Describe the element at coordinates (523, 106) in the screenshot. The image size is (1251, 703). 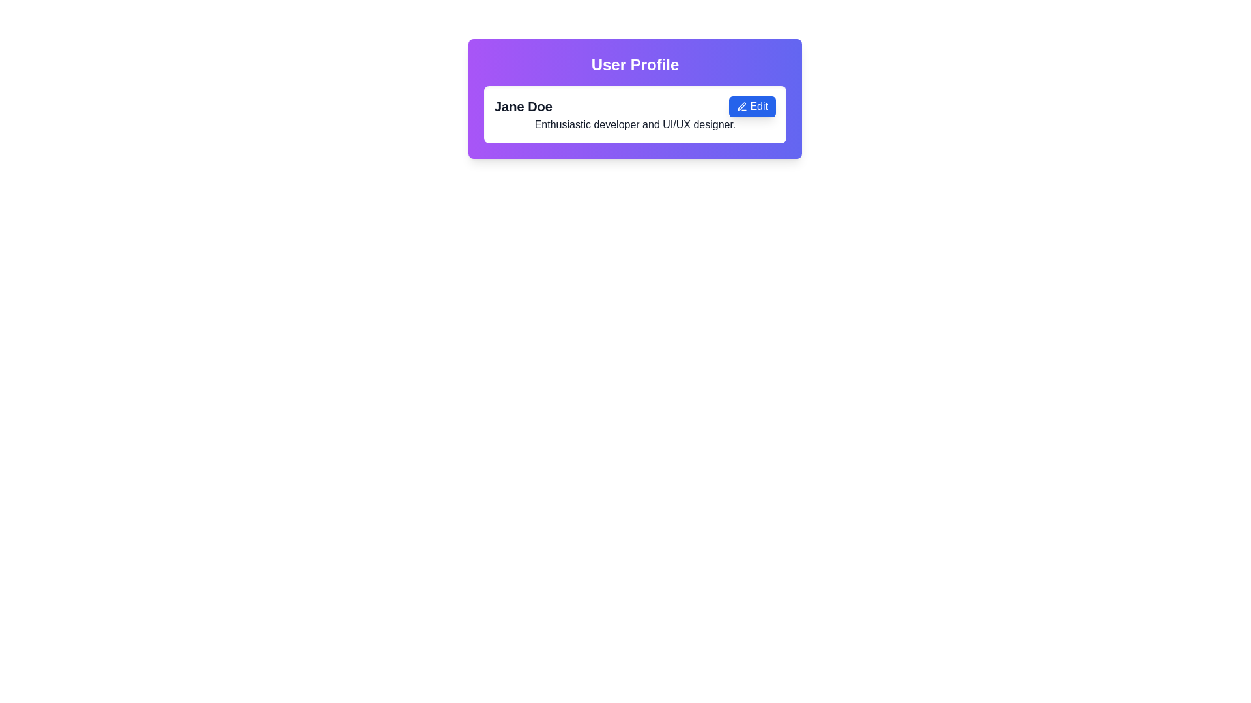
I see `the Text label displaying the user's name located at the top-left corner of a white card within a purple gradient box, which is positioned above a descriptive subtitle and to the left of an 'Edit' button` at that location.